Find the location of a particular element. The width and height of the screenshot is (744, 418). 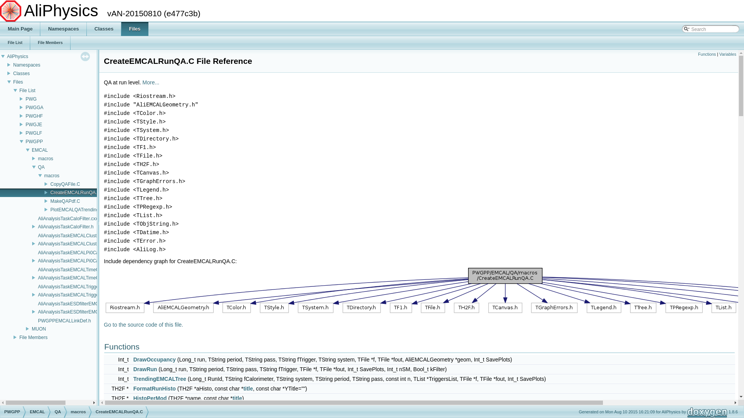

'MakeQAPdf.C' is located at coordinates (49, 201).